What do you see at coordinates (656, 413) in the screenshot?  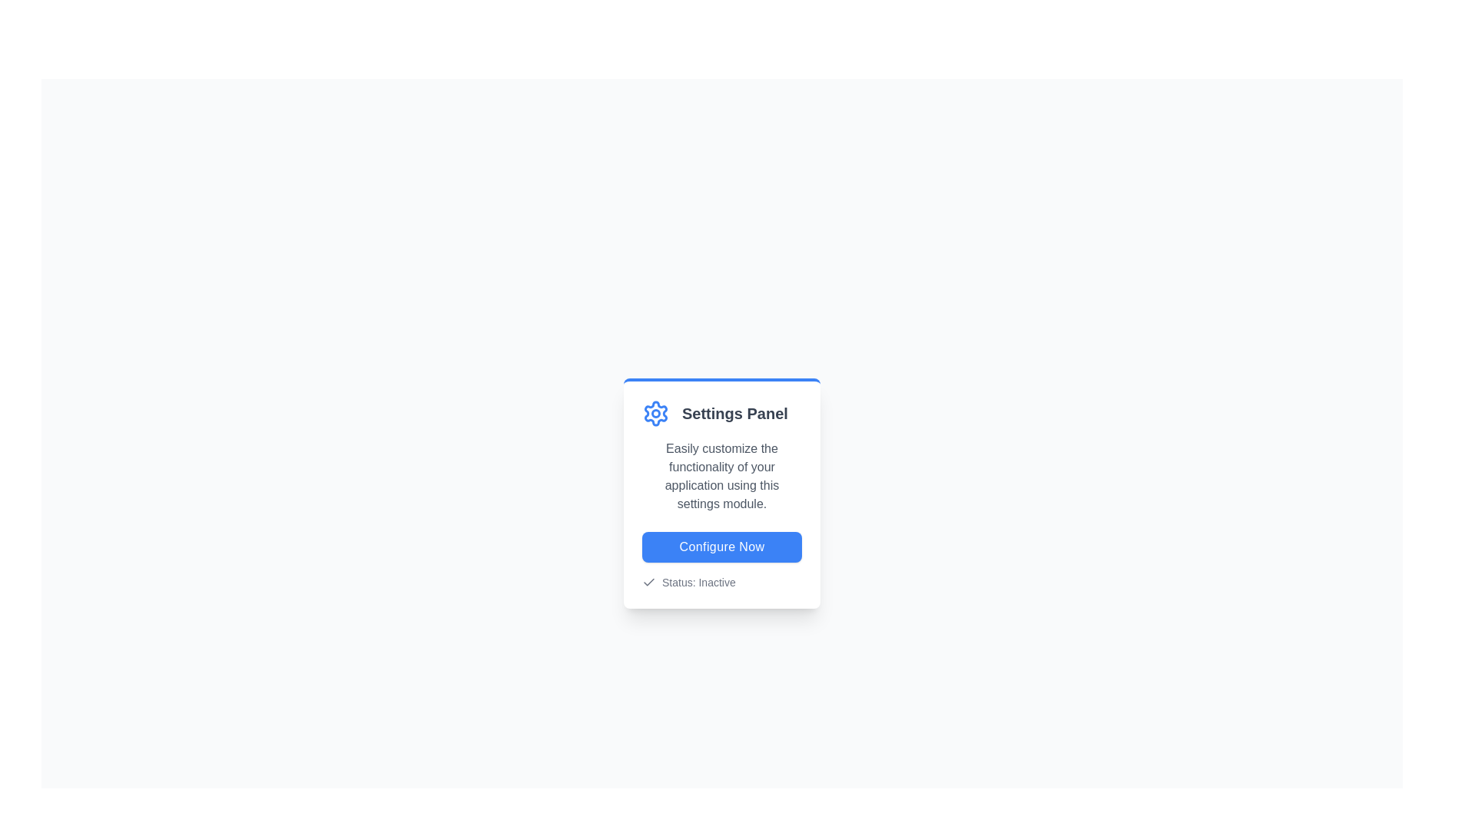 I see `small, blue-filled circle located inside the gear icon, which is part of the central structure of the icon next to the 'Settings Panel' heading` at bounding box center [656, 413].